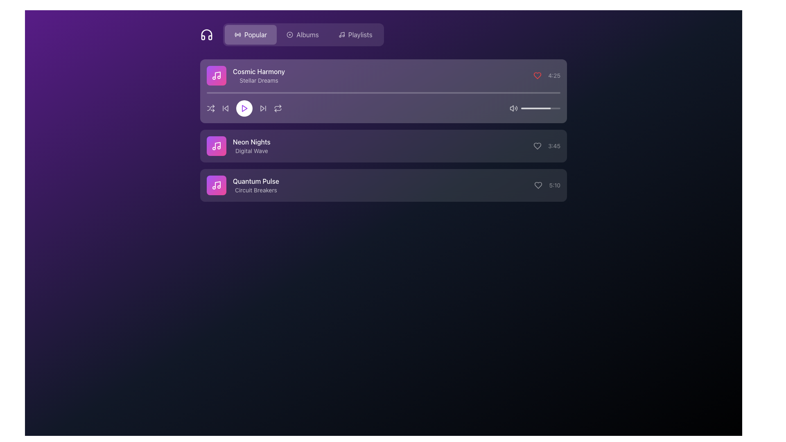 This screenshot has height=442, width=786. I want to click on the slider, so click(532, 108).